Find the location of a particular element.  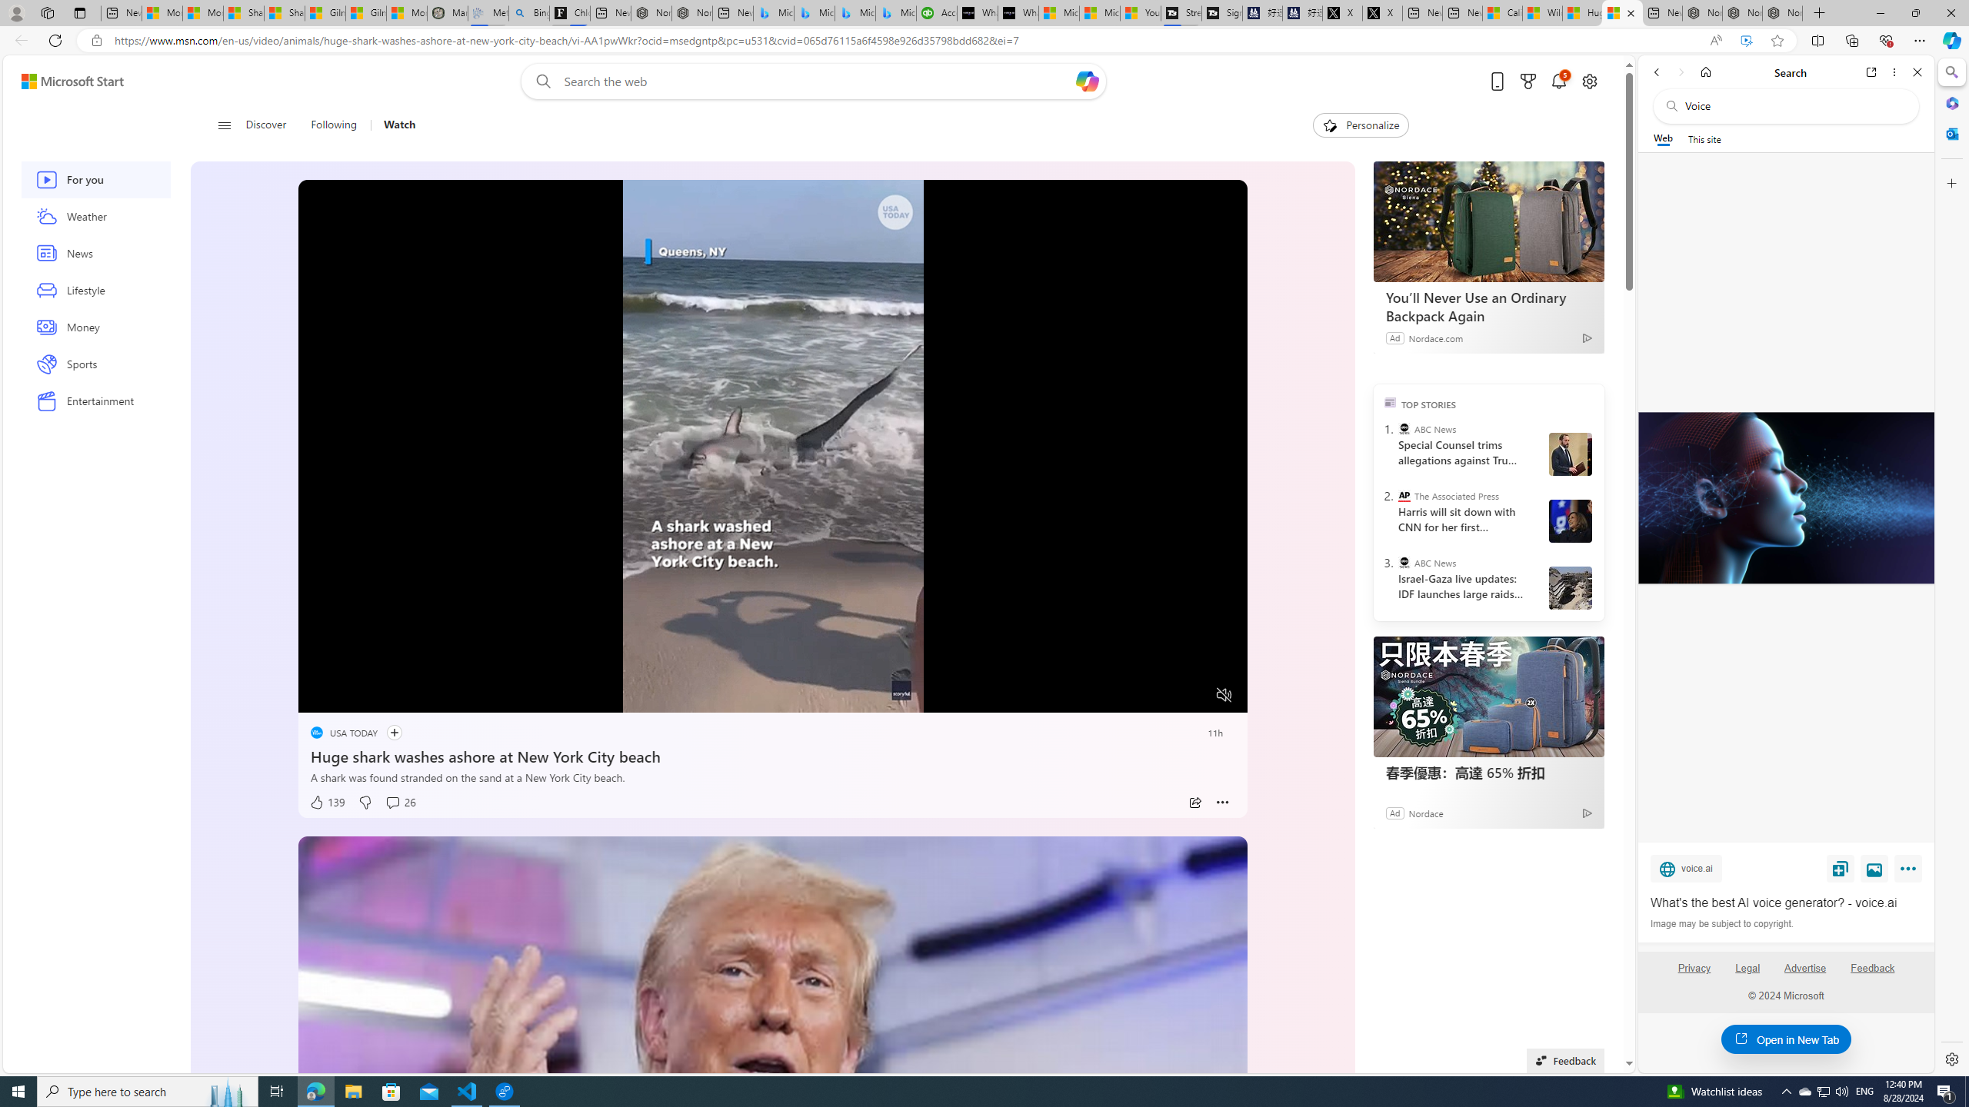

'Accounting Software for Accountants, CPAs and Bookkeepers' is located at coordinates (935, 12).